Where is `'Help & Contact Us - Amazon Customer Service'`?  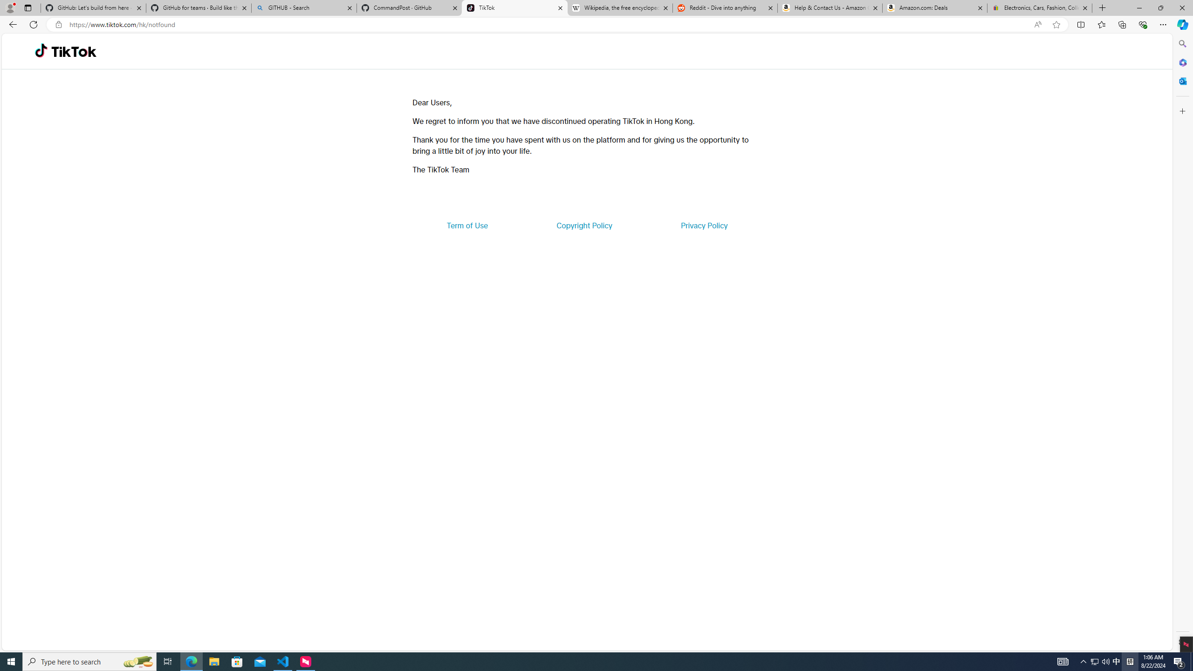 'Help & Contact Us - Amazon Customer Service' is located at coordinates (830, 7).